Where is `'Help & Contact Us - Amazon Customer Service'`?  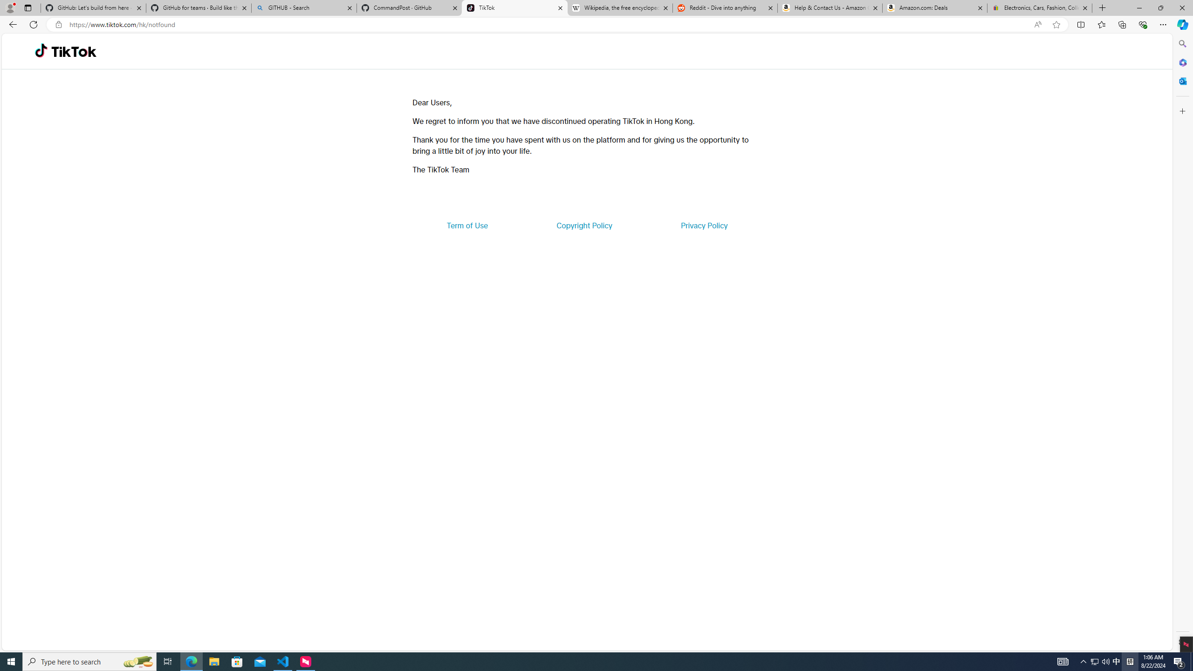 'Help & Contact Us - Amazon Customer Service' is located at coordinates (830, 7).